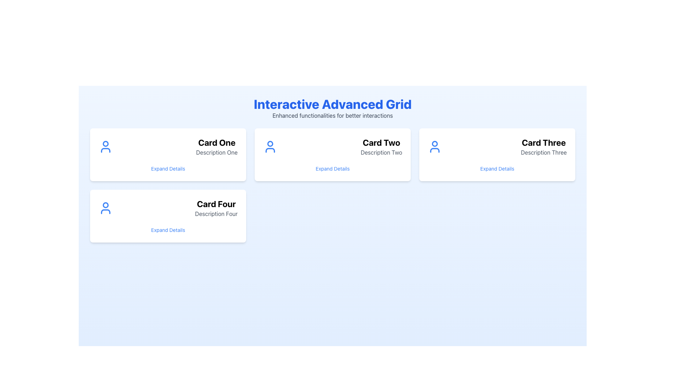 This screenshot has width=681, height=383. What do you see at coordinates (497, 168) in the screenshot?
I see `the blue-colored, underlined text link labeled 'Expand Details' located at the bottom of 'Card Three' under 'Description Three'` at bounding box center [497, 168].